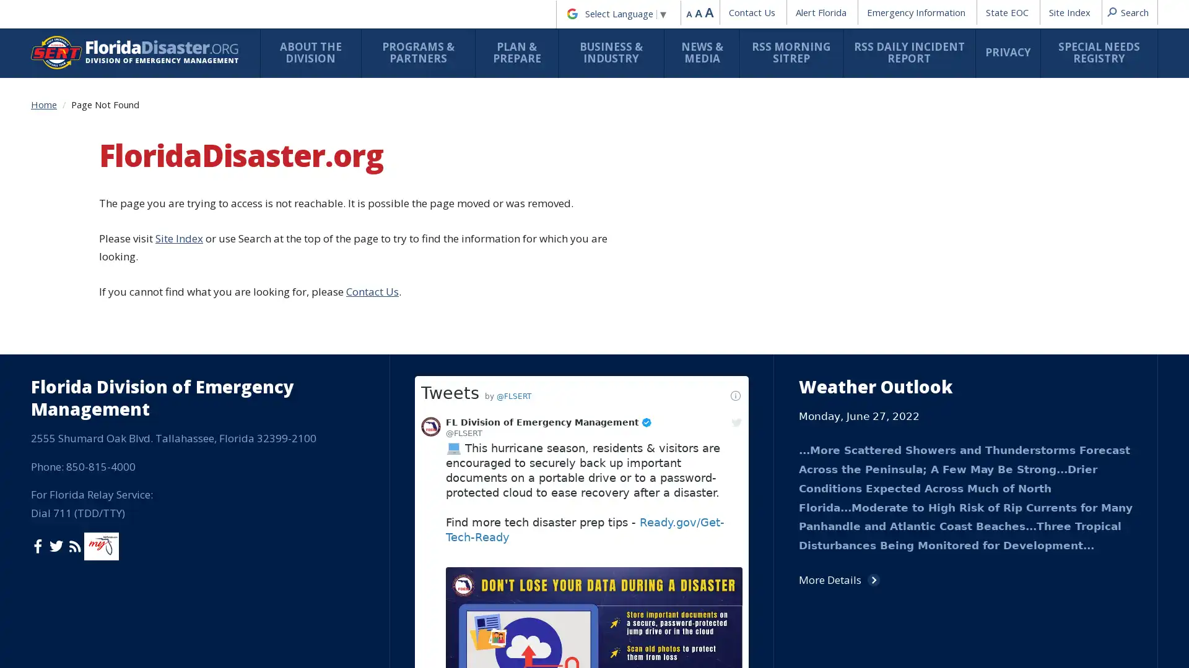 This screenshot has height=668, width=1189. I want to click on Toggle More, so click(372, 347).